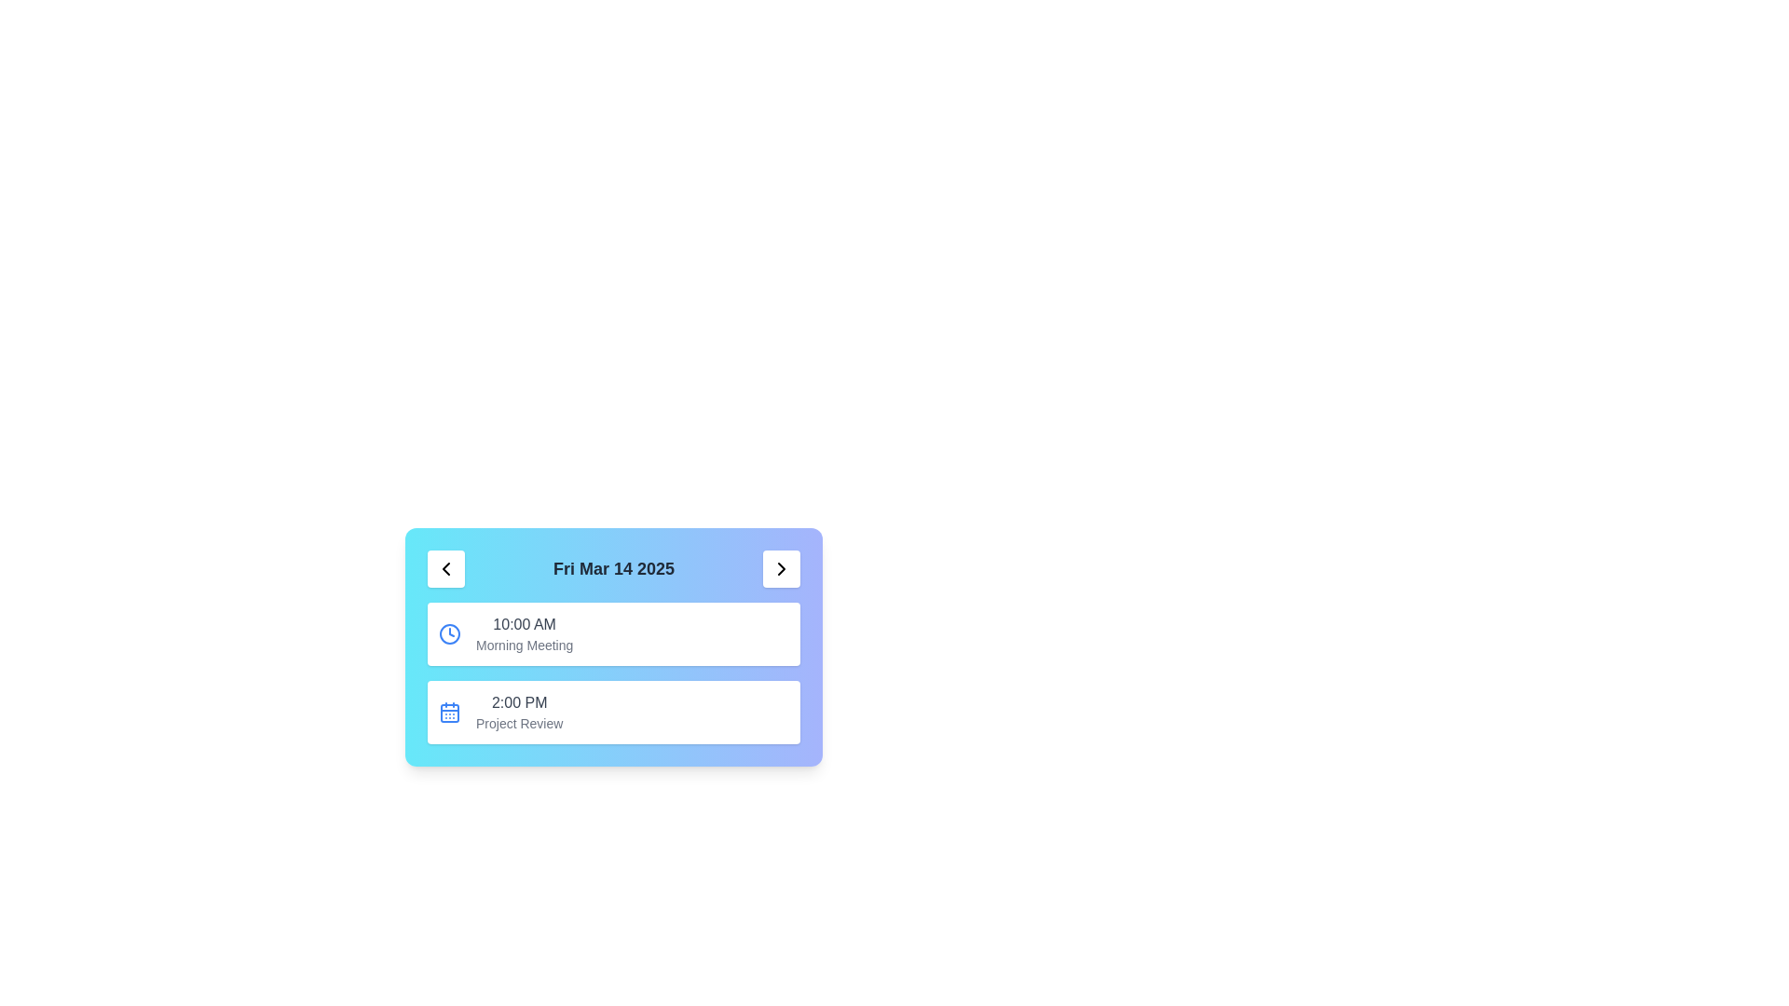 This screenshot has height=1006, width=1789. I want to click on the leftmost icon in the date and title area, which is situated on a gradient-blue background, so click(445, 567).